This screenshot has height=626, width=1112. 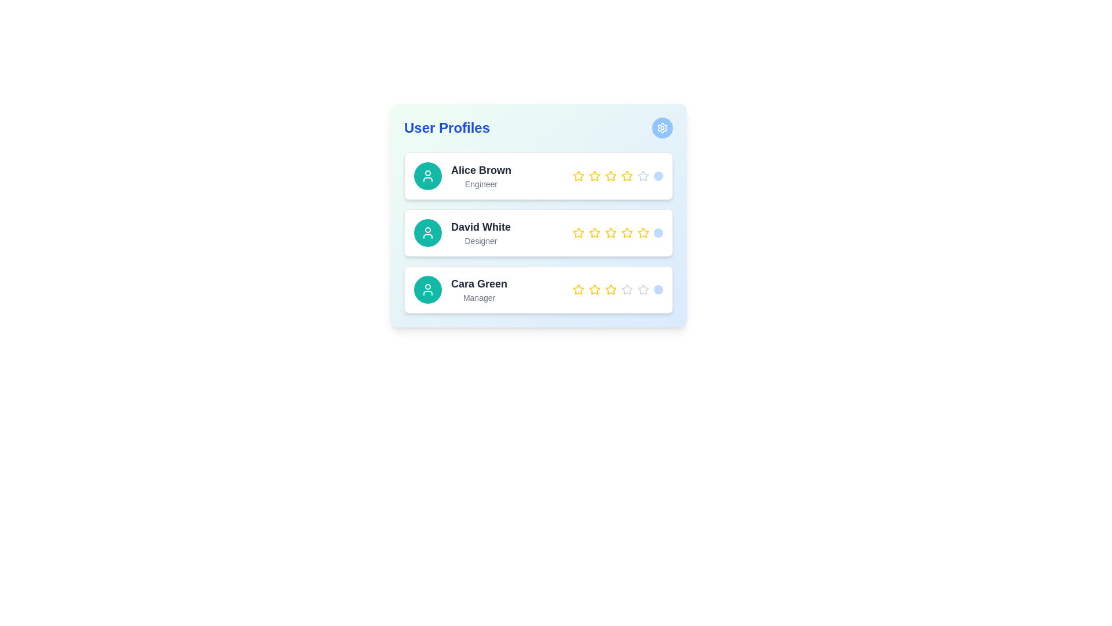 I want to click on the circular icon representing the user 'Alice Brown', which is the first icon in the vertical list of user profiles, located to the left of the 'Alice Brown - Engineer' entry, so click(x=427, y=176).